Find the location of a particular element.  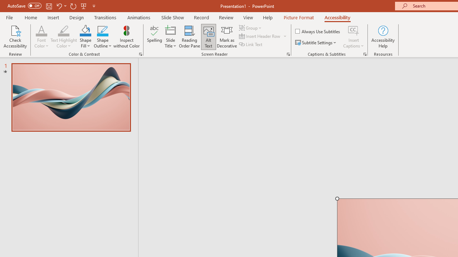

'Color & Contrast' is located at coordinates (140, 54).